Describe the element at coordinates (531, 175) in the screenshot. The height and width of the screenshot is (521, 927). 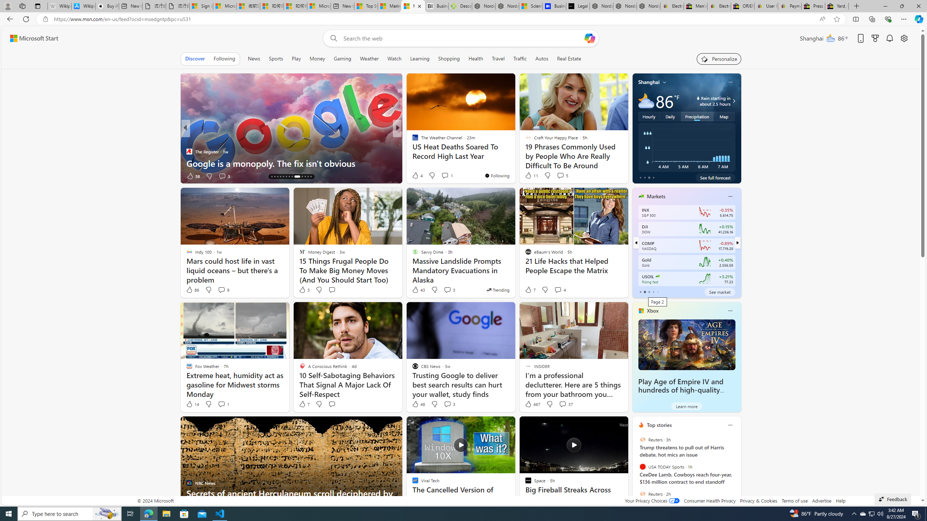
I see `'11 Like'` at that location.